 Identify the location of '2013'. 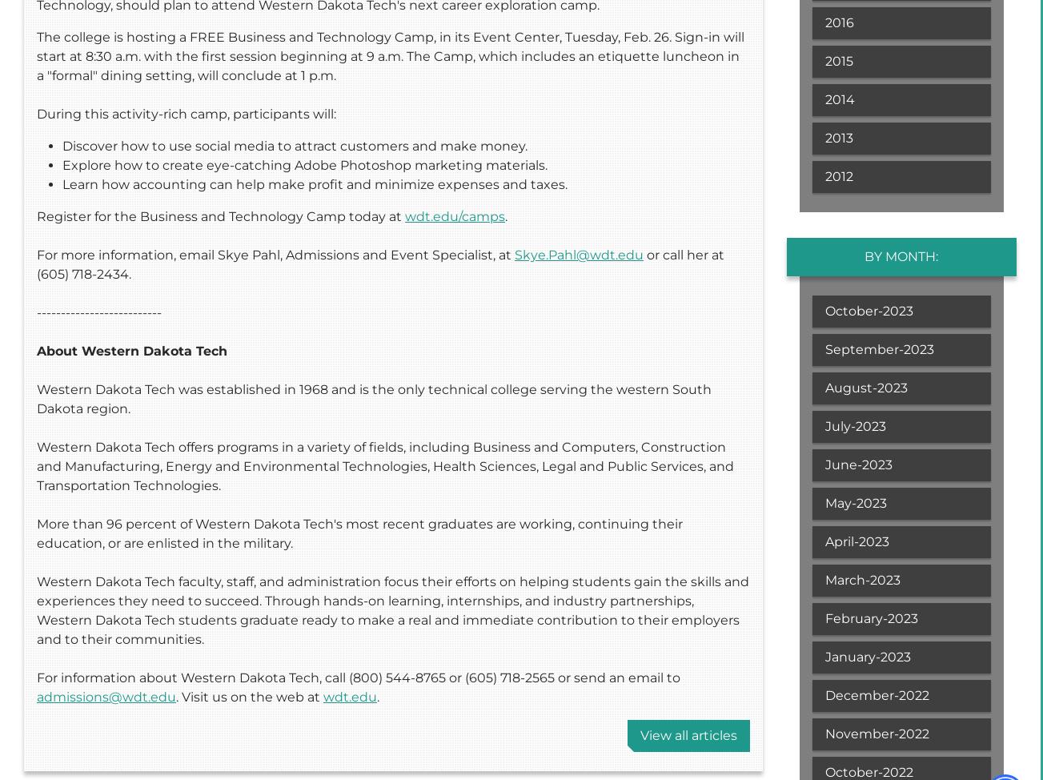
(838, 138).